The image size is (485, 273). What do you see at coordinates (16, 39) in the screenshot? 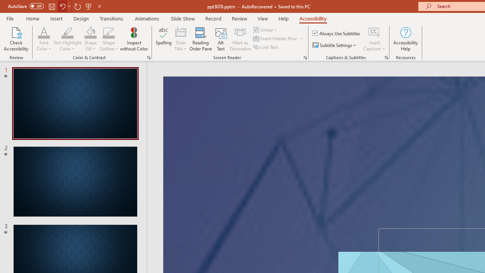
I see `'Check Accessibility'` at bounding box center [16, 39].